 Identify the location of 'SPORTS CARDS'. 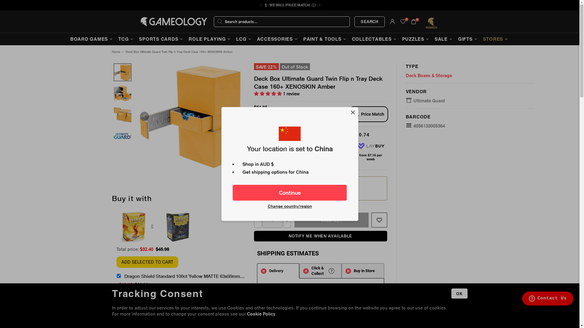
(137, 39).